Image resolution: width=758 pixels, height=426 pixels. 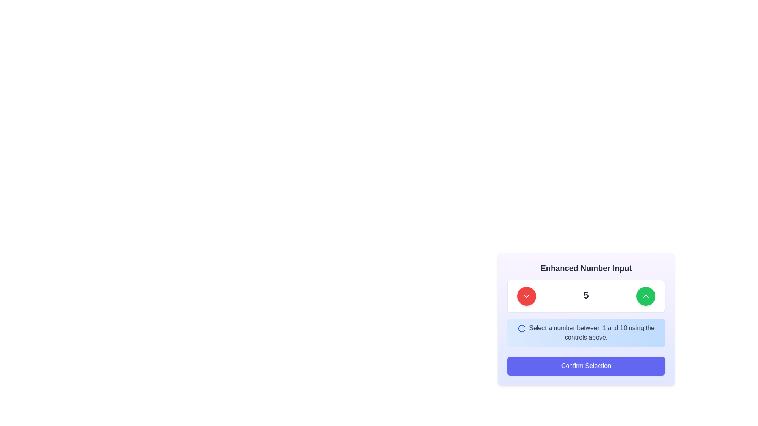 What do you see at coordinates (646, 296) in the screenshot?
I see `the increment button located in the top-right corner of the white rectangle in the 'Enhanced Number Input' section to increase the number in the adjacent input field by one` at bounding box center [646, 296].